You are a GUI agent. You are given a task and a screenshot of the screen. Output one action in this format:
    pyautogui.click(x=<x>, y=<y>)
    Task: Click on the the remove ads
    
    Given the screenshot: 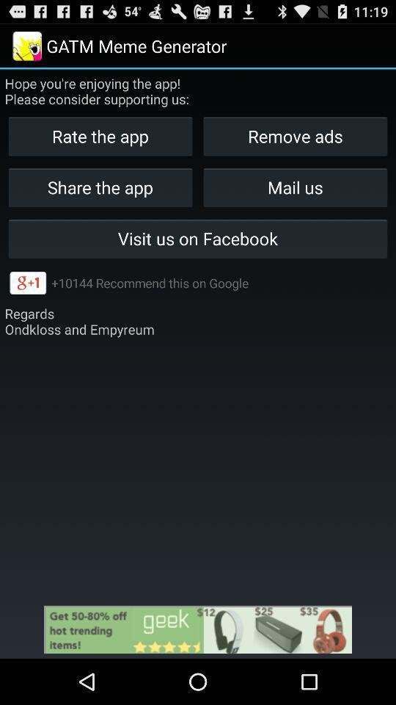 What is the action you would take?
    pyautogui.click(x=295, y=136)
    